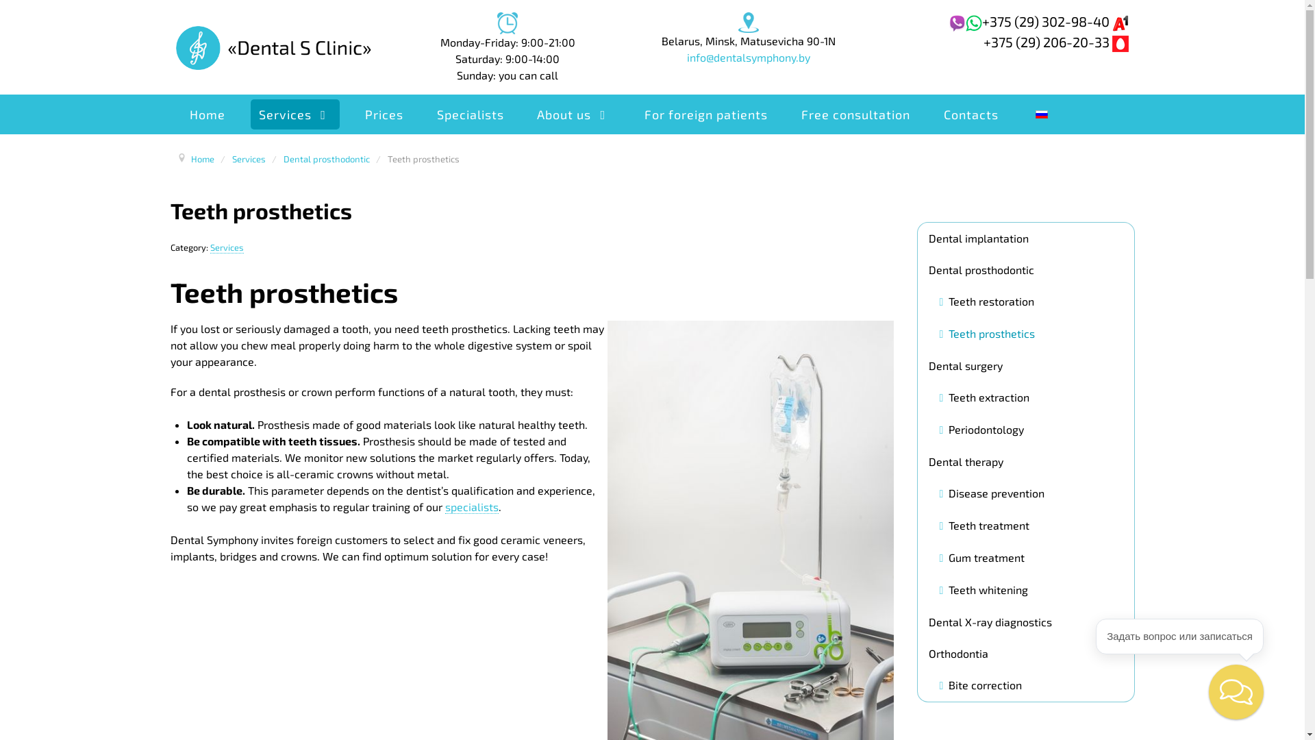 The image size is (1315, 740). What do you see at coordinates (1025, 364) in the screenshot?
I see `'Dental surgery'` at bounding box center [1025, 364].